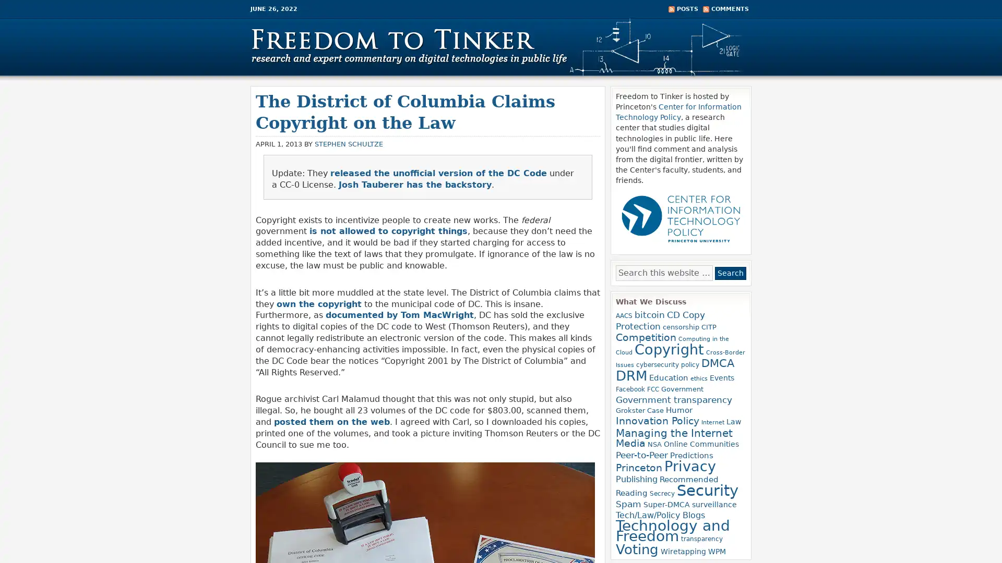 The height and width of the screenshot is (563, 1002). I want to click on Search, so click(730, 273).